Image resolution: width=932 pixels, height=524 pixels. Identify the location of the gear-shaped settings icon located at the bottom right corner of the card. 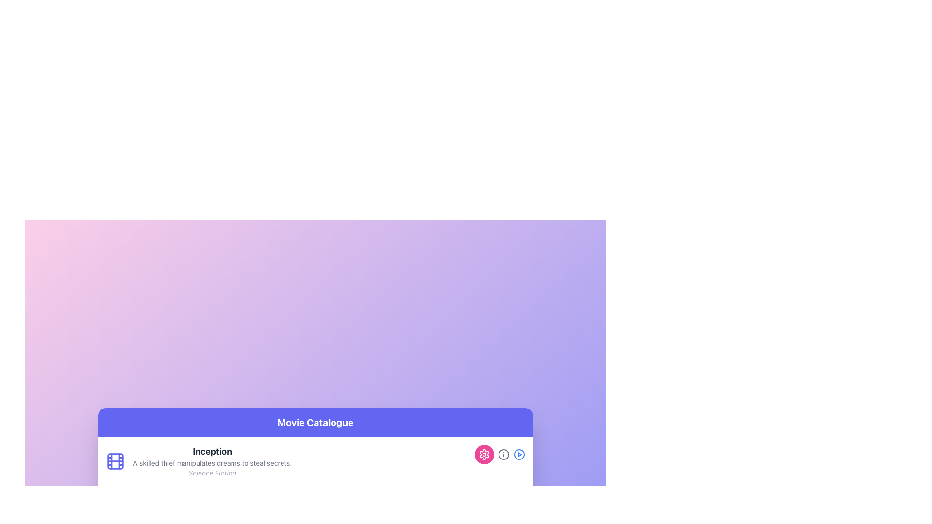
(484, 454).